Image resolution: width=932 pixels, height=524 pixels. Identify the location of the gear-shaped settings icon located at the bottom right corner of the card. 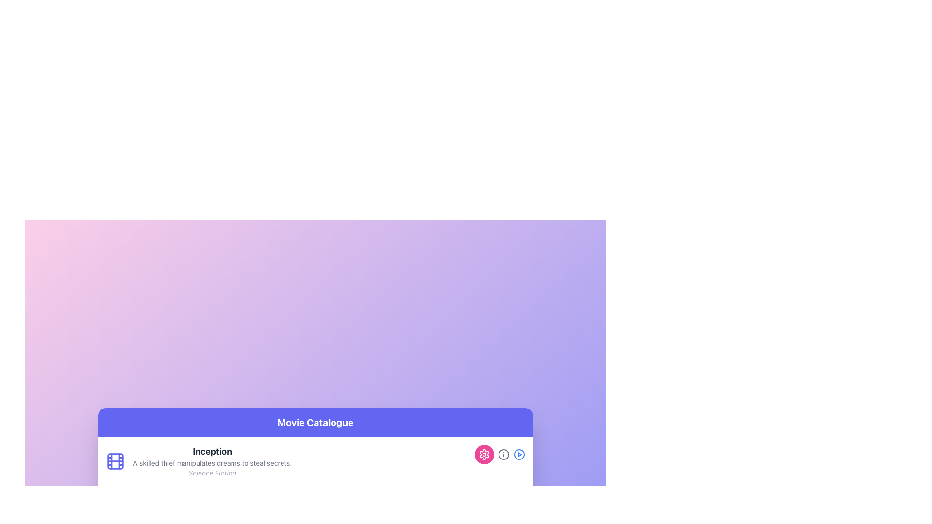
(484, 454).